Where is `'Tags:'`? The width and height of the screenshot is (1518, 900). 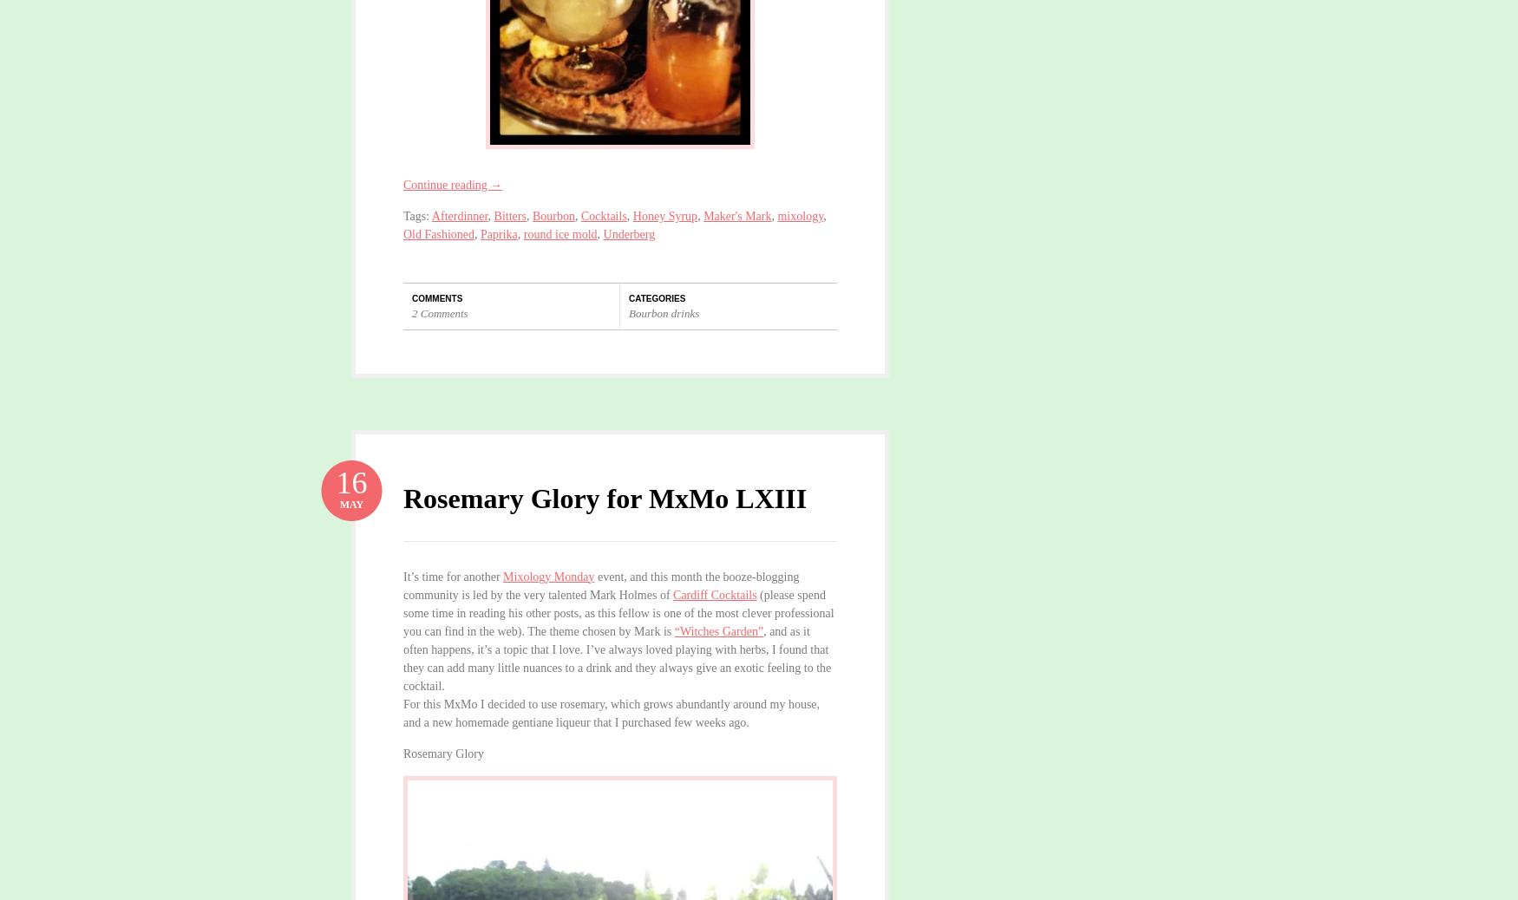 'Tags:' is located at coordinates (417, 215).